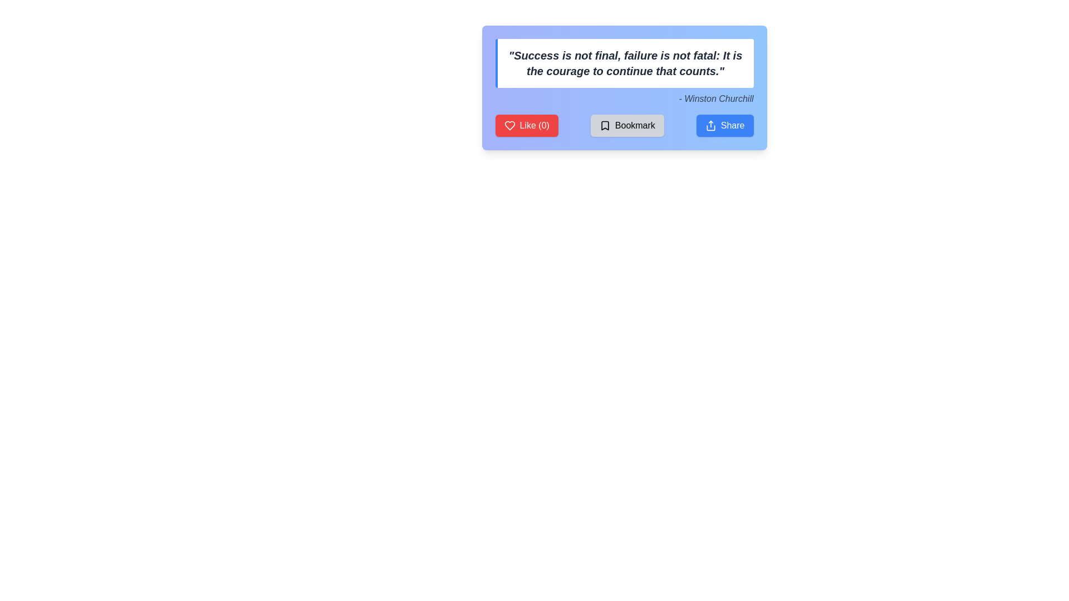 The width and height of the screenshot is (1069, 601). Describe the element at coordinates (526, 125) in the screenshot. I see `the red 'Like (0)' button with a heart icon` at that location.